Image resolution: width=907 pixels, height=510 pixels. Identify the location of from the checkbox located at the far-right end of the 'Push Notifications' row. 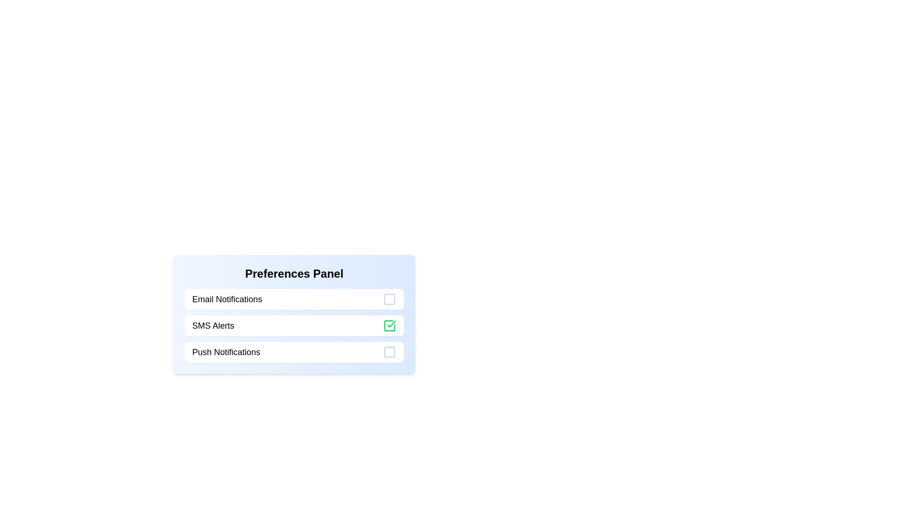
(390, 352).